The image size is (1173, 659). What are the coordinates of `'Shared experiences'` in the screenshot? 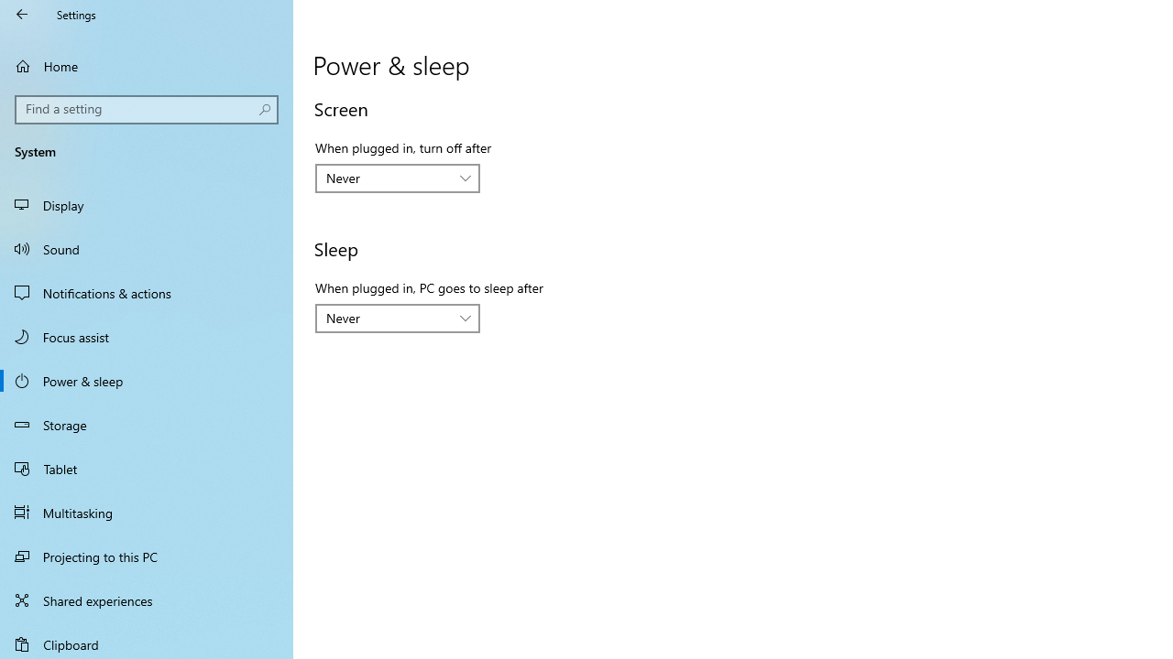 It's located at (147, 600).